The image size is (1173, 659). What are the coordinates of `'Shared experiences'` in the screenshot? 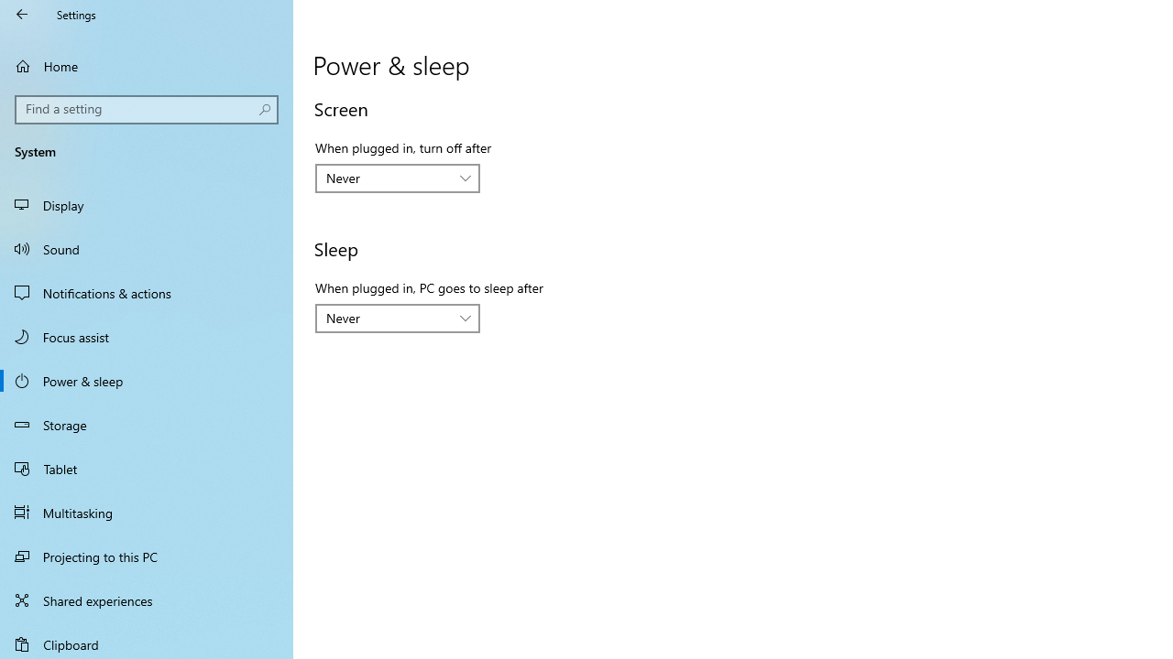 It's located at (147, 600).